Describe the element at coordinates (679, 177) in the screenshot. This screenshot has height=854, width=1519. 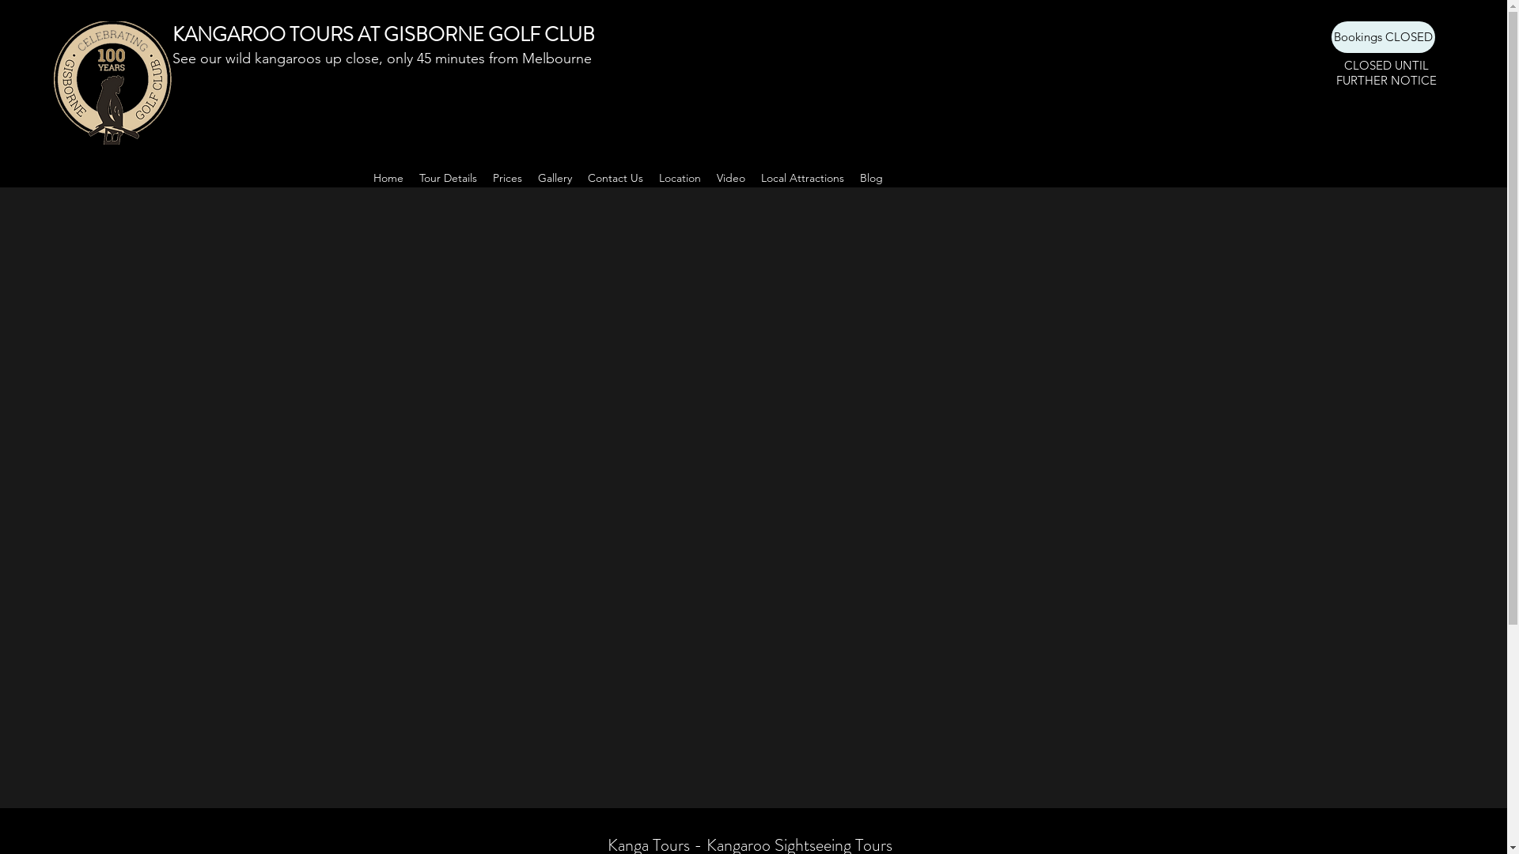
I see `'Location'` at that location.